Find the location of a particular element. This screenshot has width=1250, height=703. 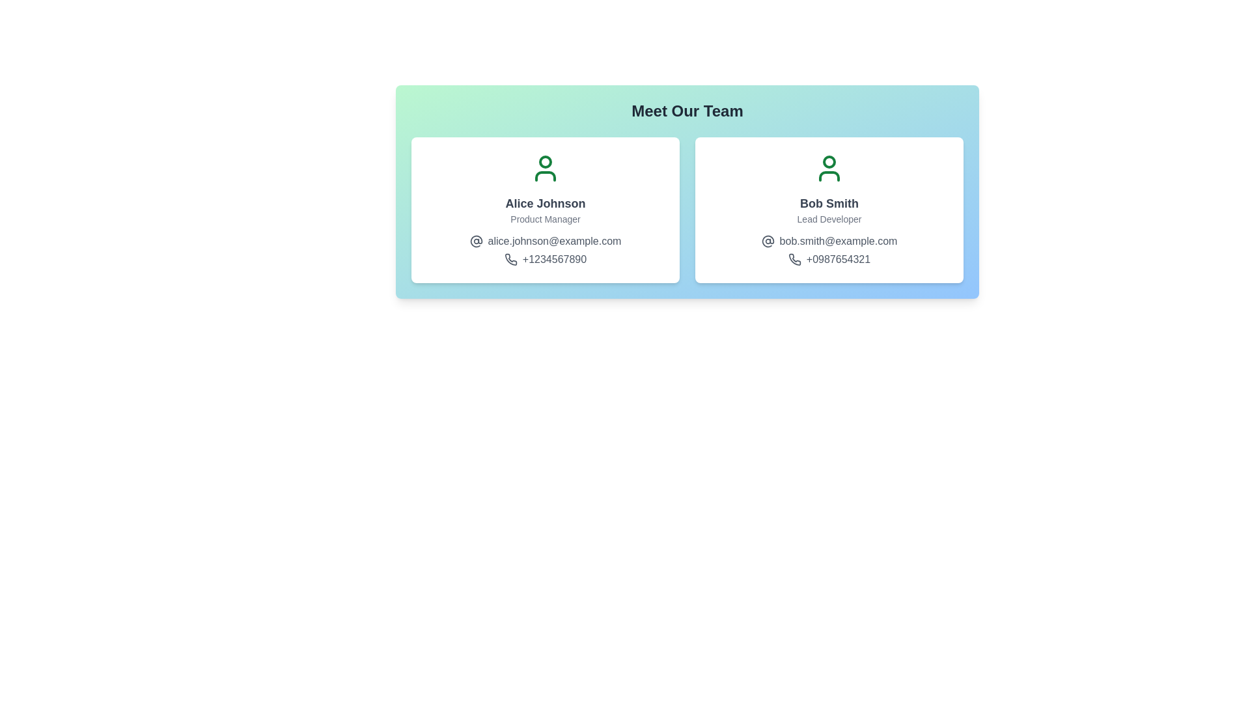

the SVG icon representing the profile of Bob Smith, which is centrally located at the top of his profile card is located at coordinates (828, 167).